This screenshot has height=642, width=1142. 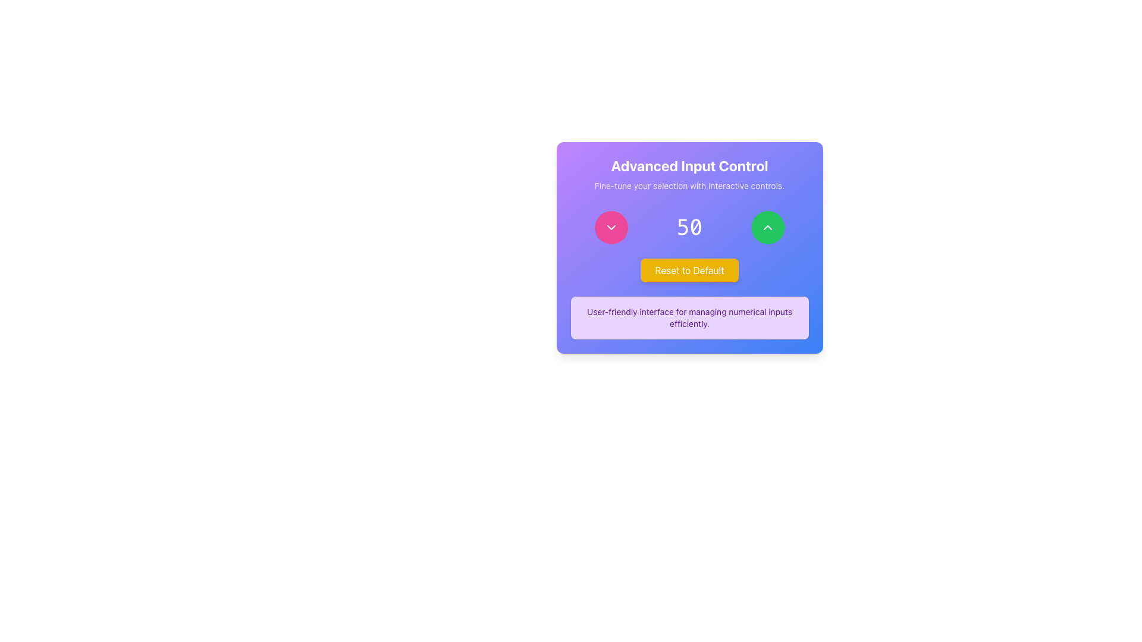 What do you see at coordinates (611, 227) in the screenshot?
I see `the vibrant pink circular button with a white downward-pointing chevron icon to decrement the value` at bounding box center [611, 227].